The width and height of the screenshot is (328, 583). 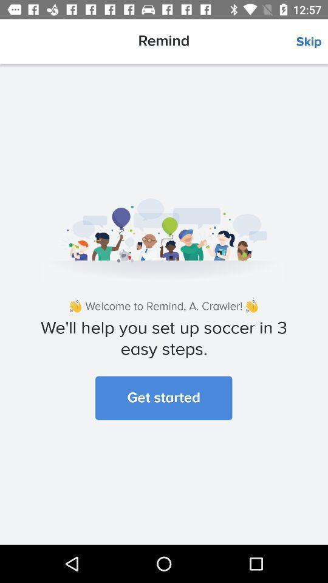 I want to click on icon below we ll help, so click(x=163, y=397).